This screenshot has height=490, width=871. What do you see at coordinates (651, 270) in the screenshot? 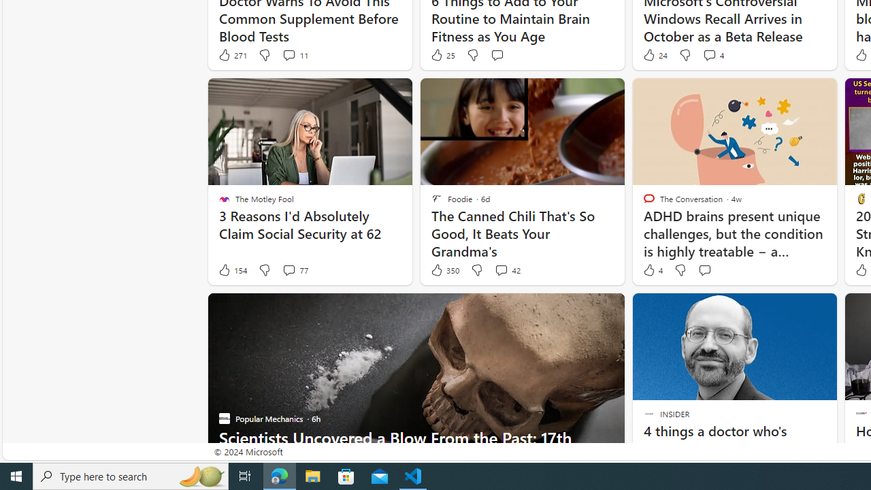
I see `'4 Like'` at bounding box center [651, 270].